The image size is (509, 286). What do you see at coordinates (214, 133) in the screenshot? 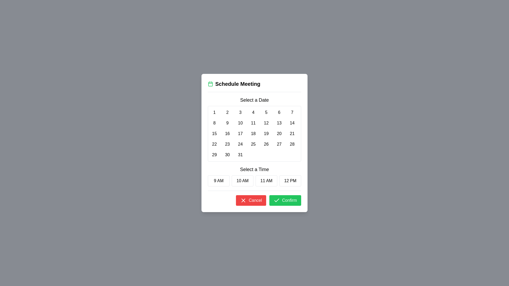
I see `the date selector button representing the date '15' in the 'Schedule Meeting' modal to change its background color` at bounding box center [214, 133].